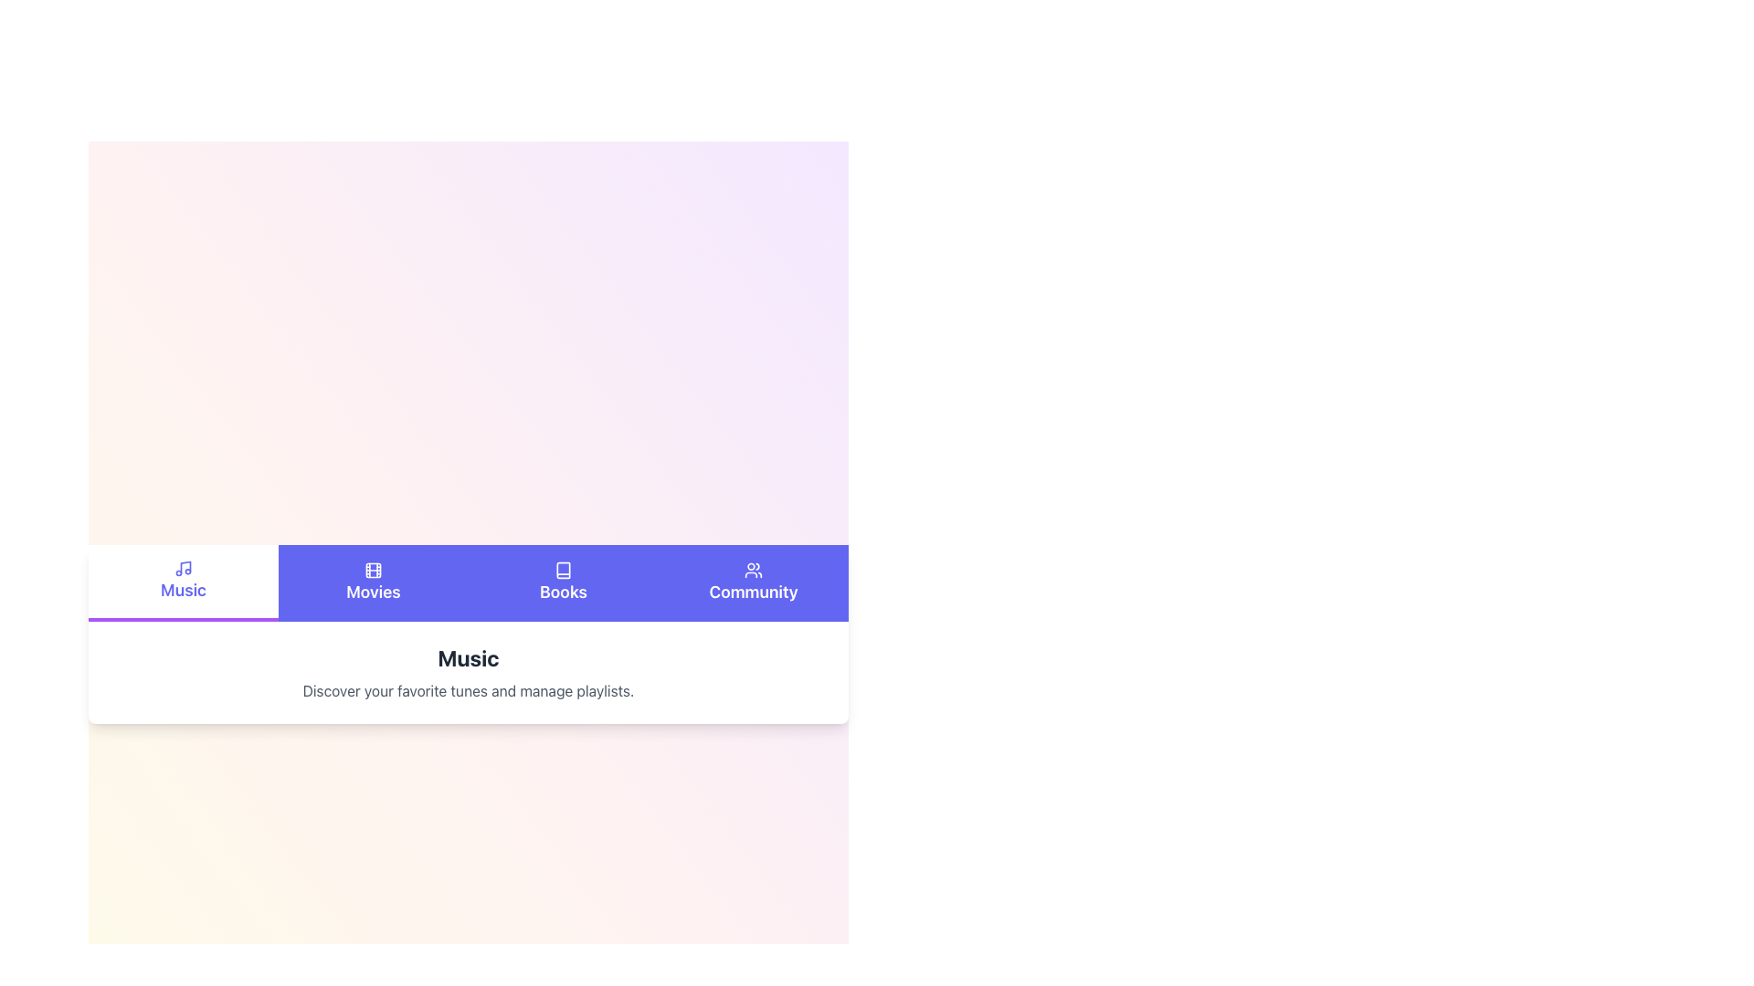 This screenshot has height=986, width=1754. What do you see at coordinates (754, 592) in the screenshot?
I see `the 'Community' text label in the navigation bar, which serves as a link to community-related features of the application` at bounding box center [754, 592].